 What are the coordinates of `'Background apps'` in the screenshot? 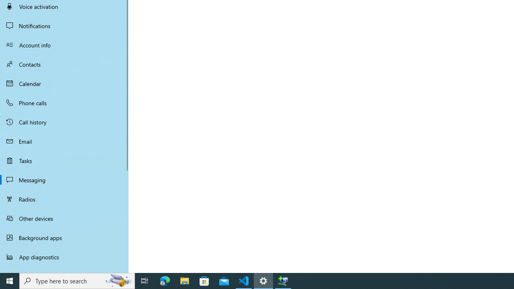 It's located at (64, 237).